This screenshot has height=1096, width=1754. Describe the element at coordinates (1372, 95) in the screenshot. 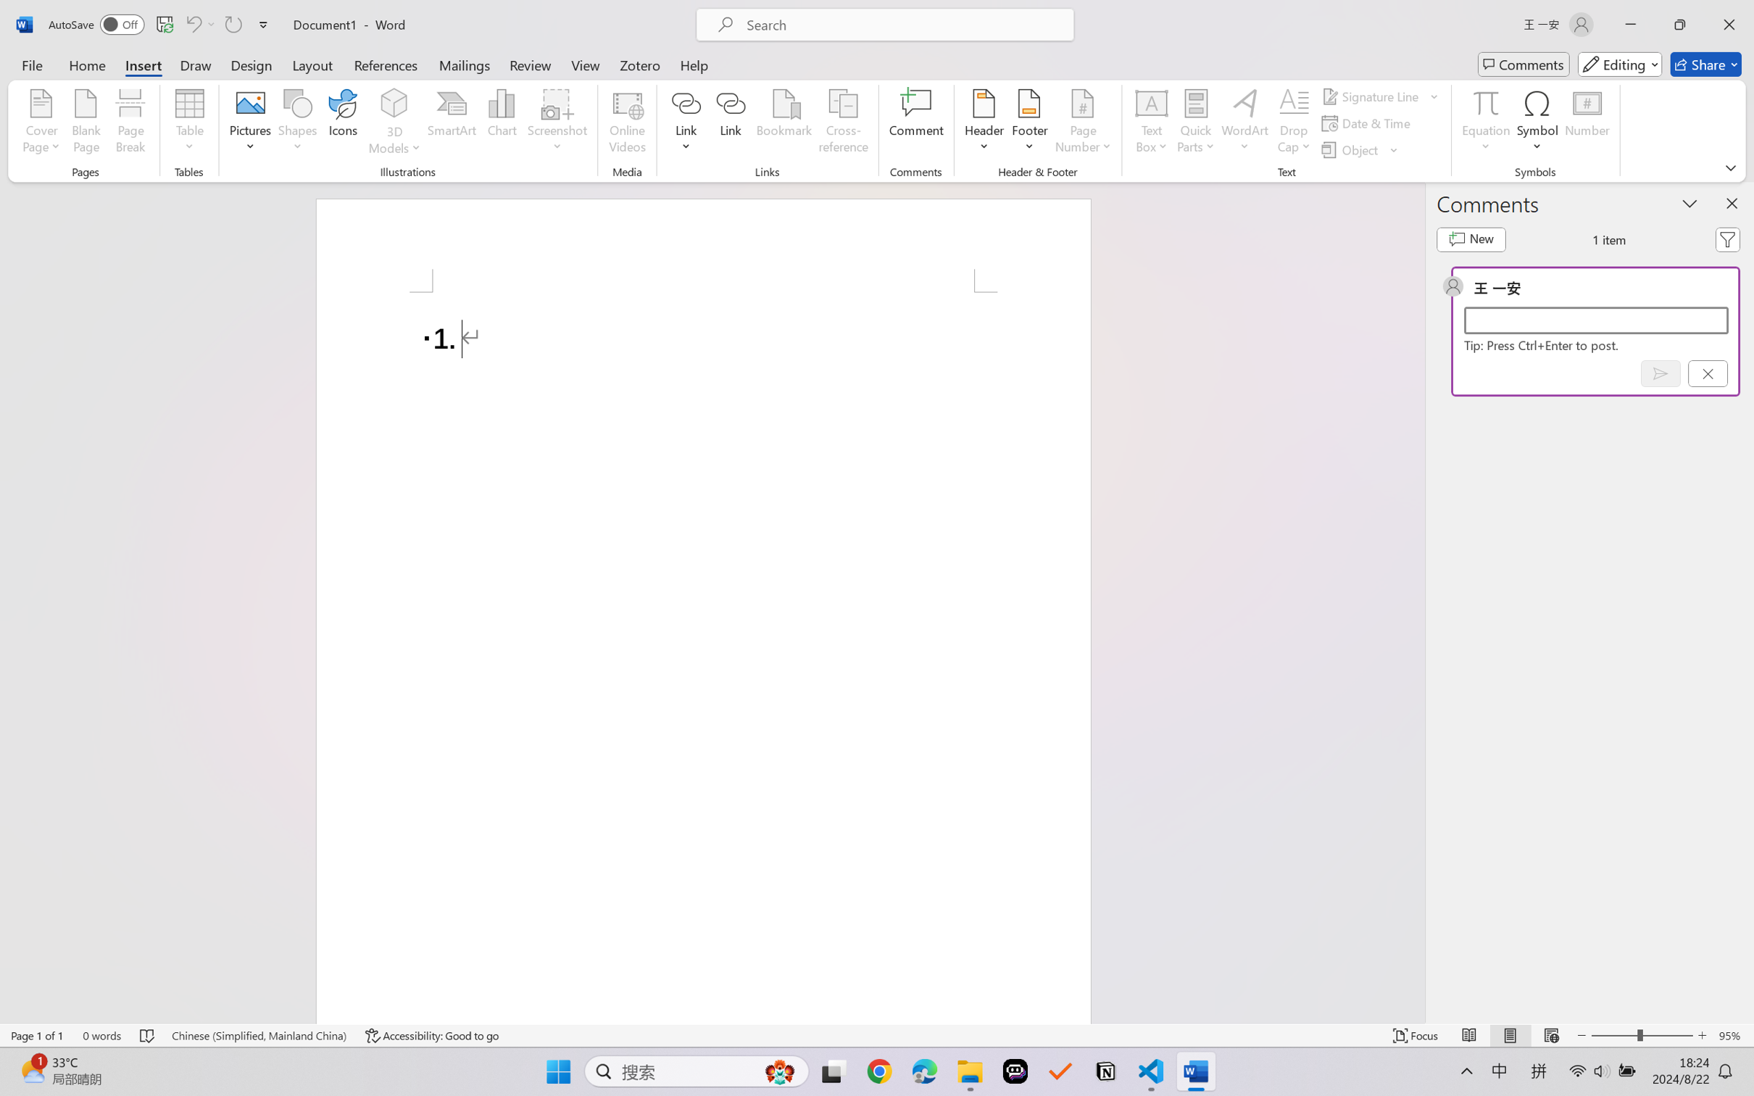

I see `'Signature Line'` at that location.